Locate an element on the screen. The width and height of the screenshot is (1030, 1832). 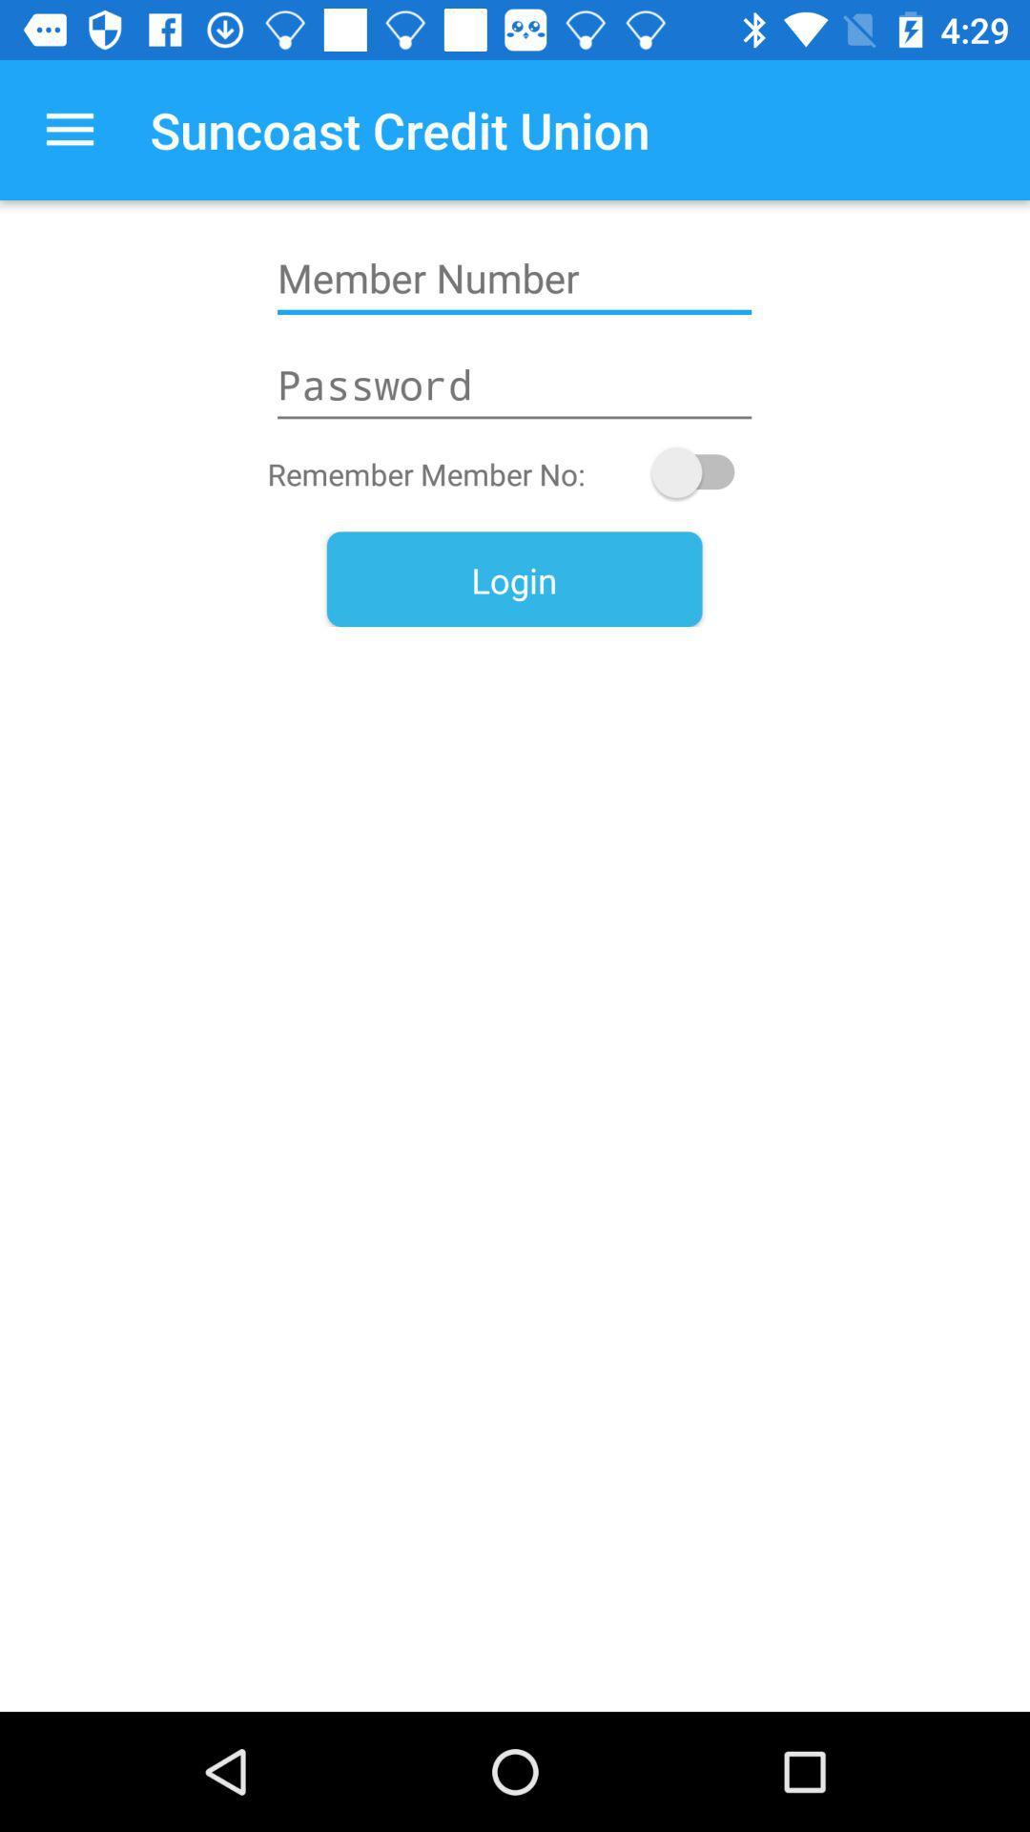
icon below suncoast credit union app is located at coordinates (513, 278).